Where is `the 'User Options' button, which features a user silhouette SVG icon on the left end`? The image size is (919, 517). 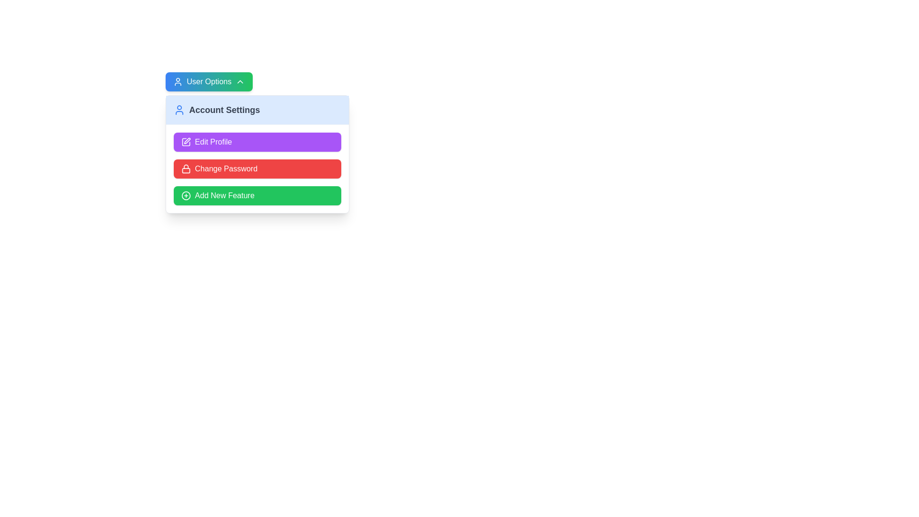 the 'User Options' button, which features a user silhouette SVG icon on the left end is located at coordinates (178, 81).